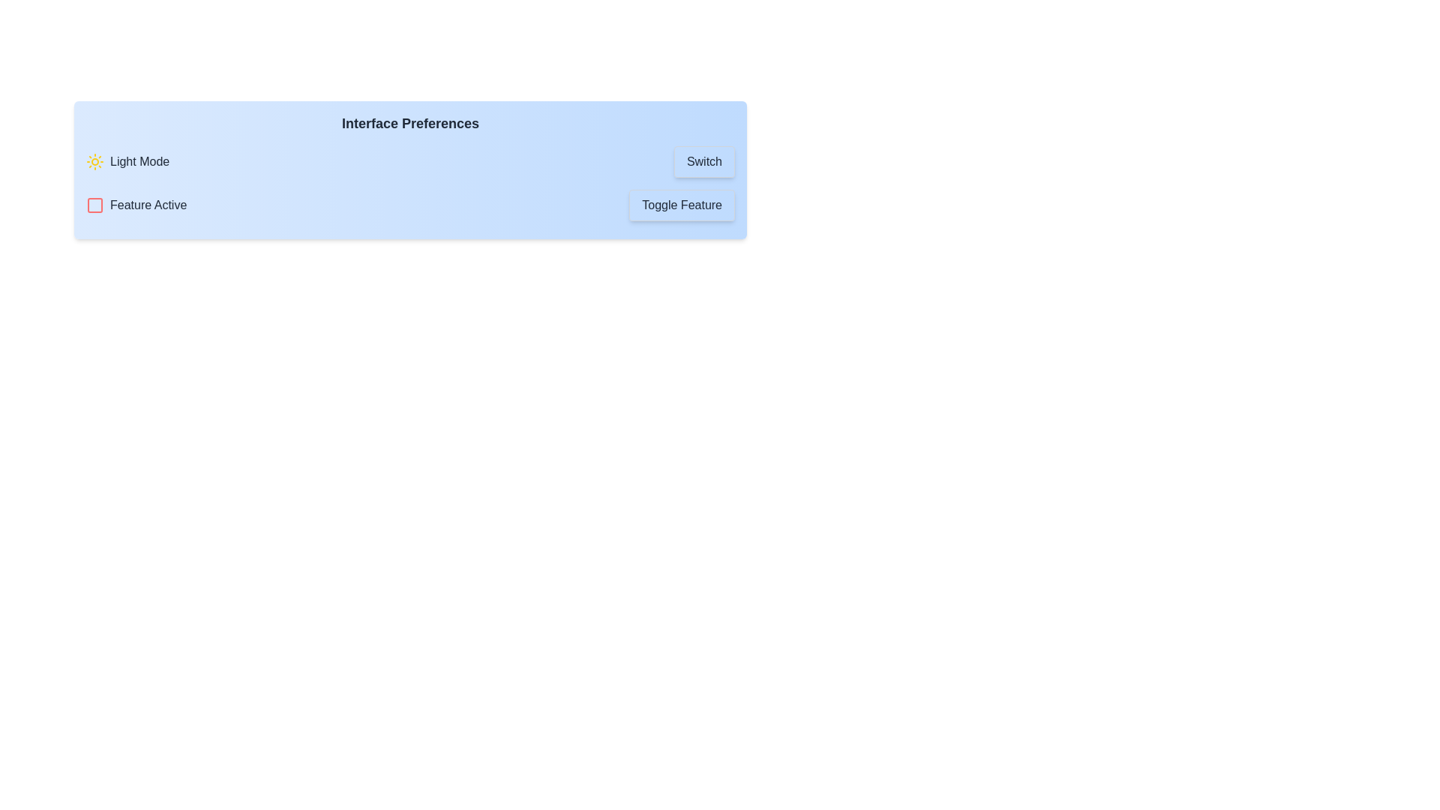 The height and width of the screenshot is (810, 1440). Describe the element at coordinates (703, 162) in the screenshot. I see `the toggle button labeled 'Switch'` at that location.